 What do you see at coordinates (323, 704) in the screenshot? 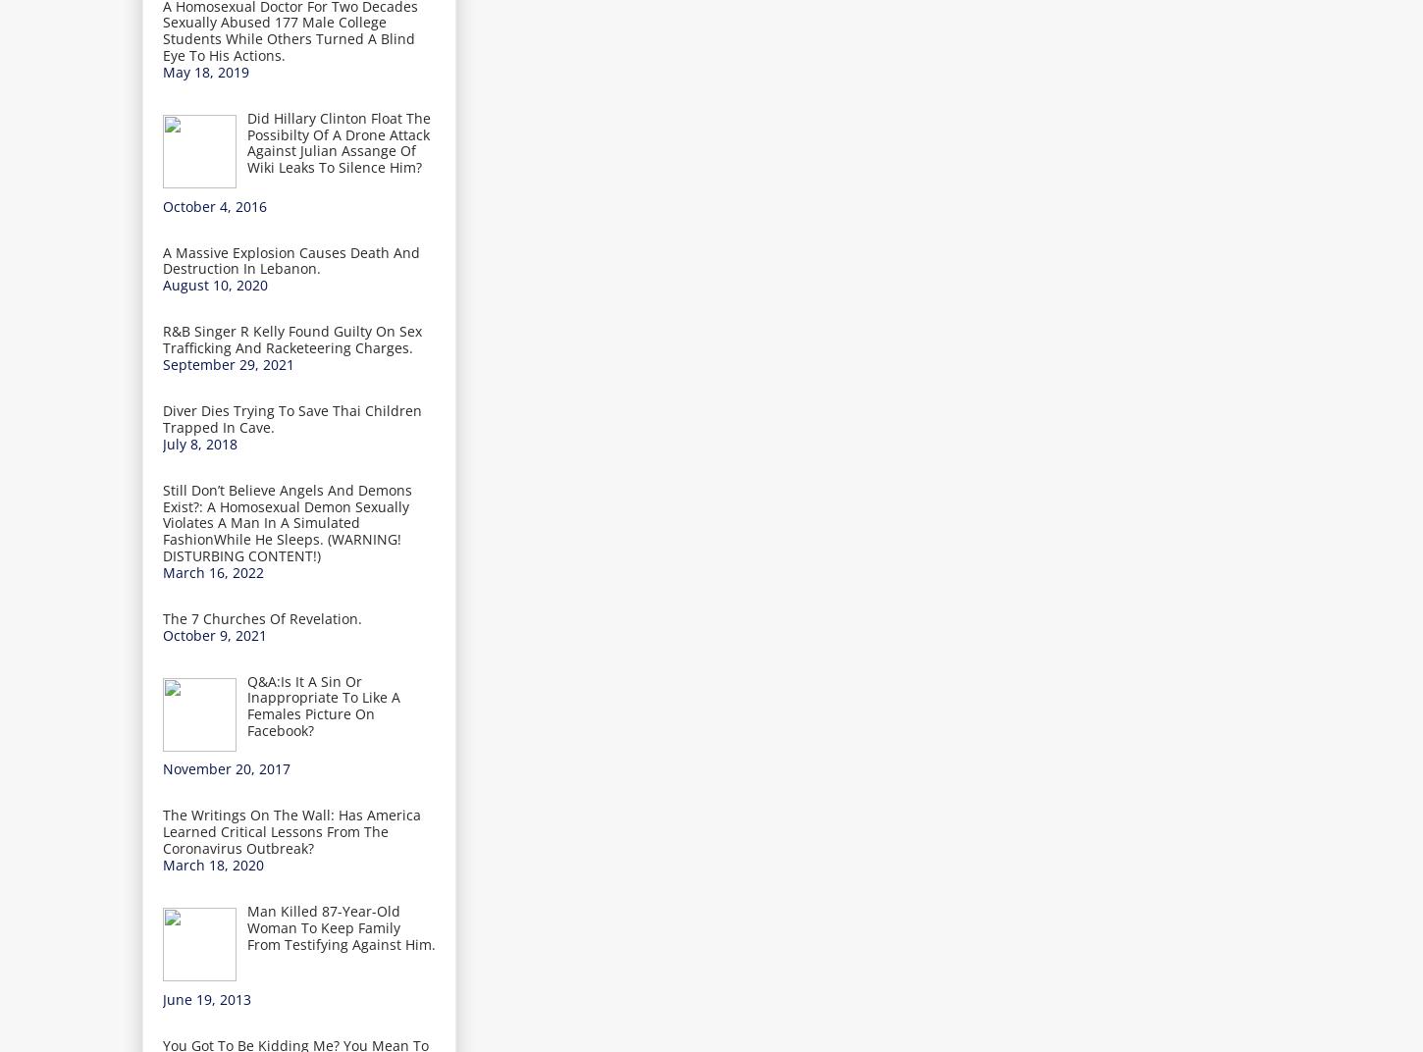
I see `'Q&A:Is It A Sin Or Inappropriate To Like A Females Picture On Facebook?'` at bounding box center [323, 704].